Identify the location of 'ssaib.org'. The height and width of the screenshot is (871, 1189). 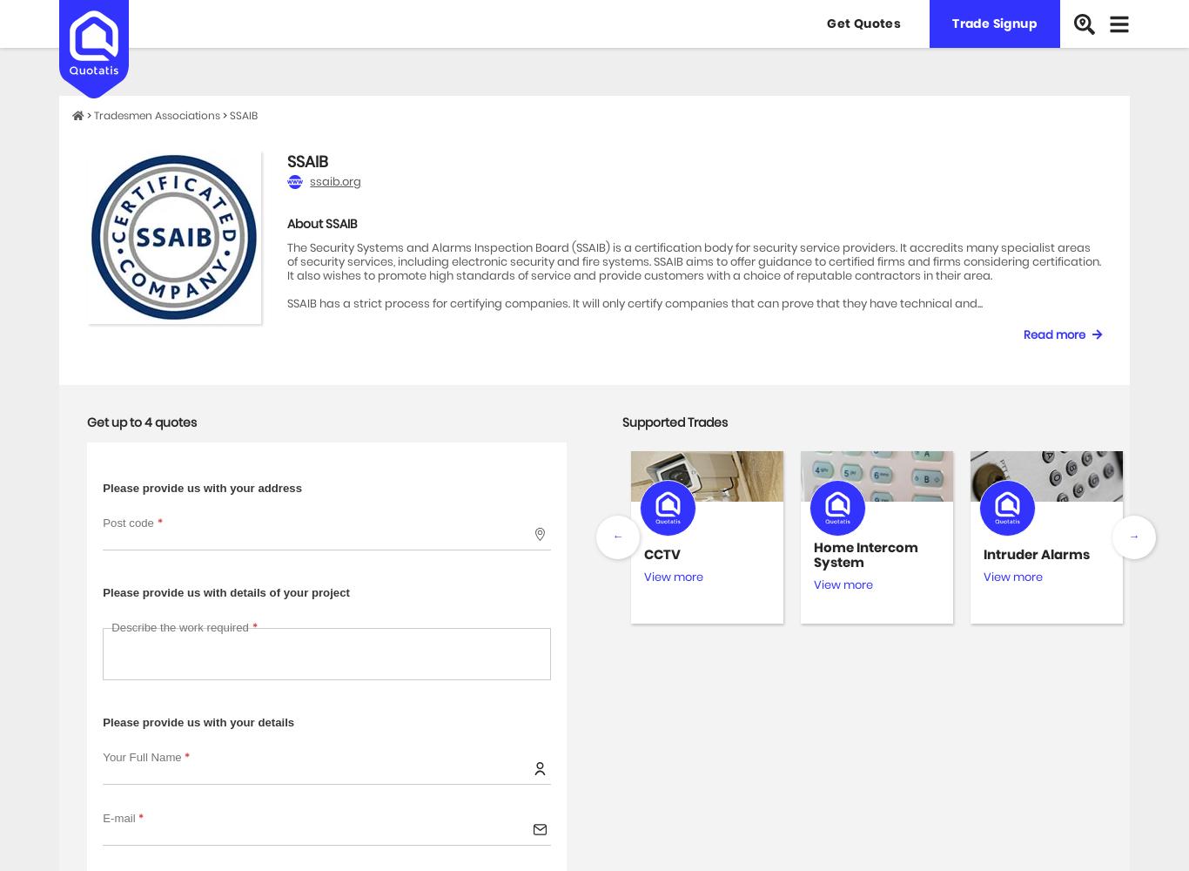
(334, 180).